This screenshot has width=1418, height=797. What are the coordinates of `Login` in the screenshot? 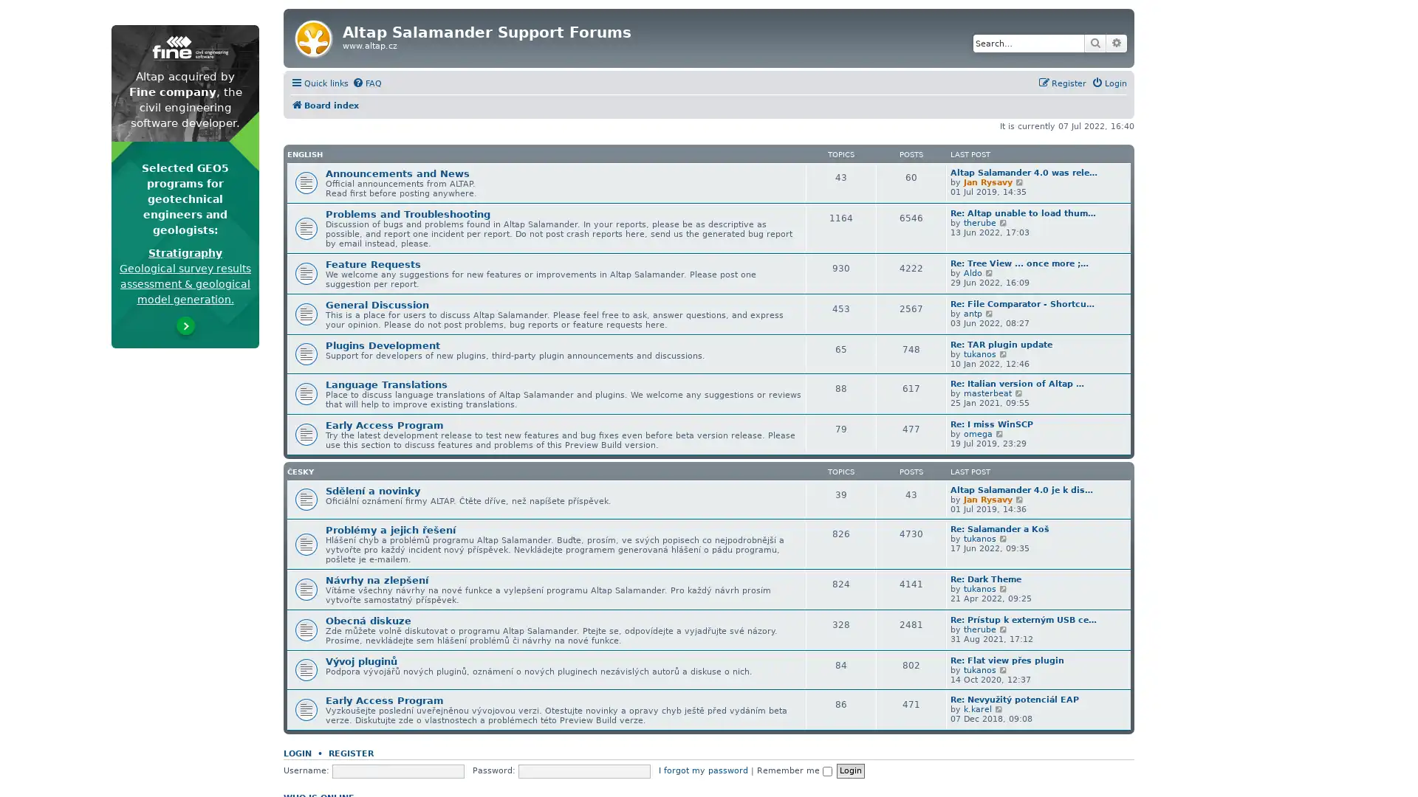 It's located at (850, 770).